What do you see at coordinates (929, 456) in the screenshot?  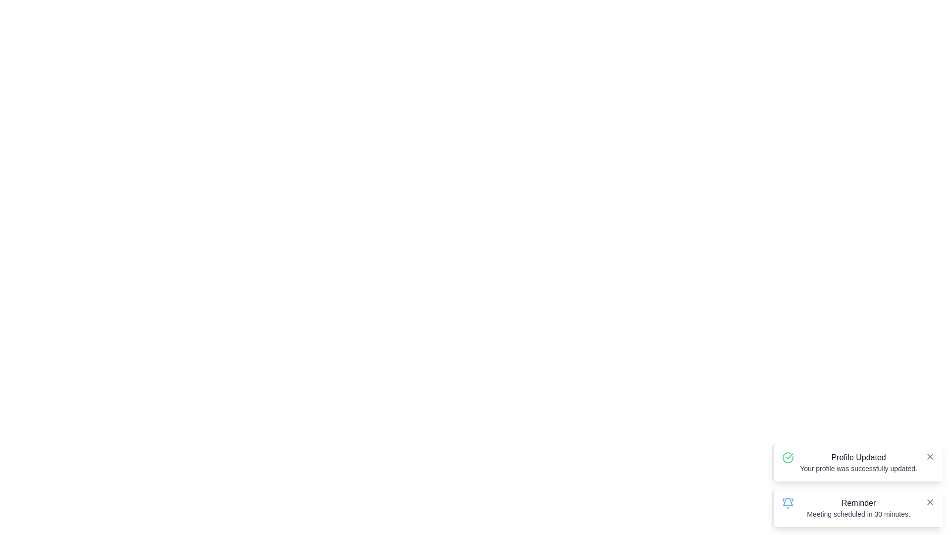 I see `the 'X' icon button in the top-right corner of the 'Profile Updated' notification card` at bounding box center [929, 456].